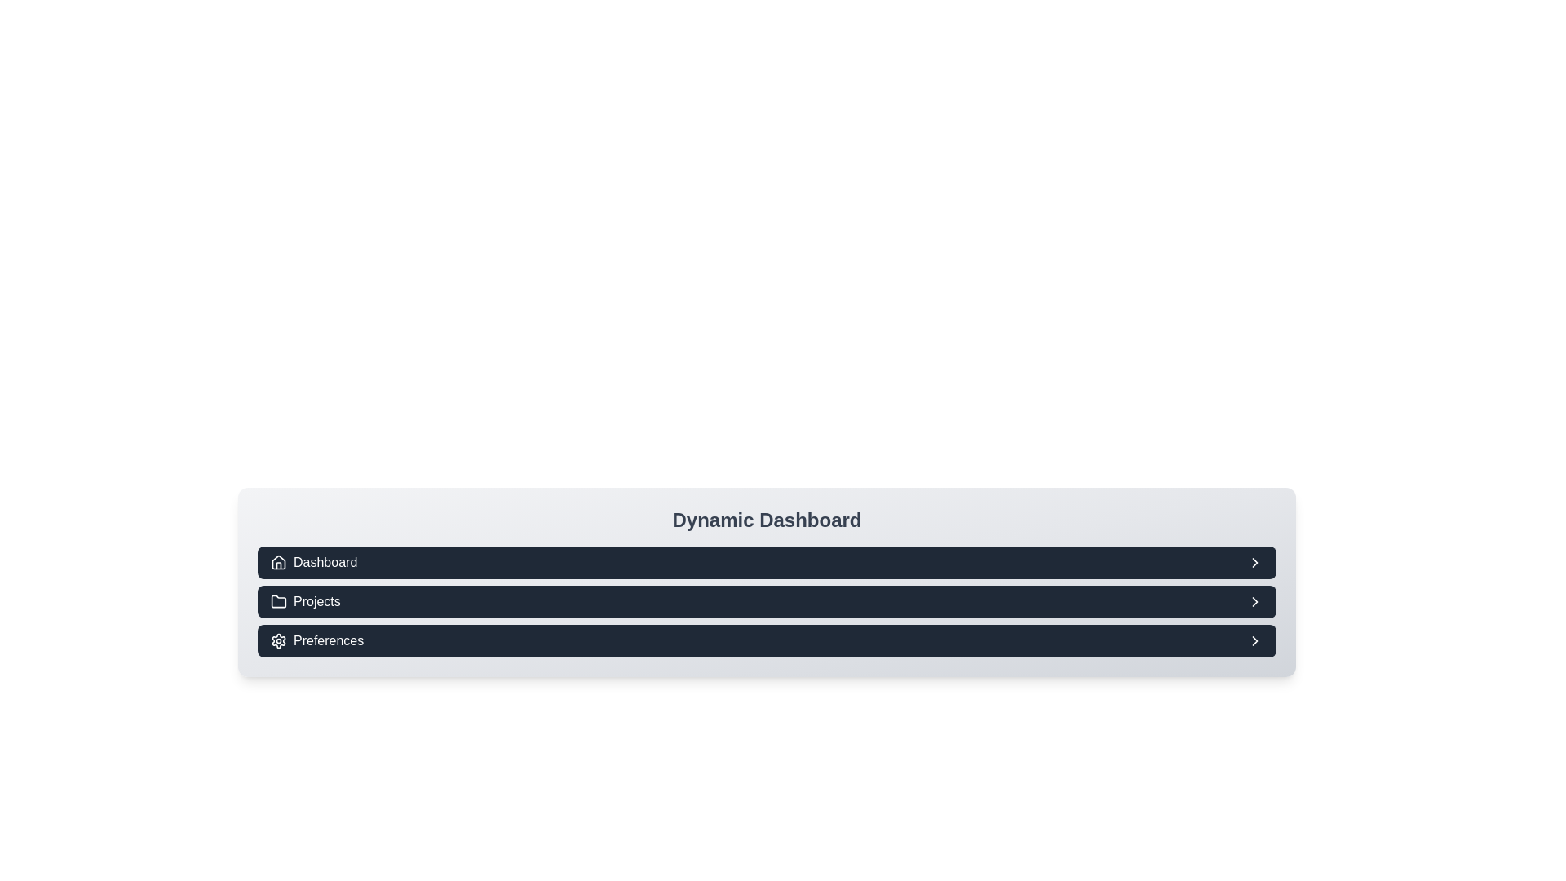 Image resolution: width=1566 pixels, height=881 pixels. I want to click on the folder icon representing the 'Projects' section in the navigation menu, which is positioned to the left of the text within the row labeled 'Projects', so click(278, 601).